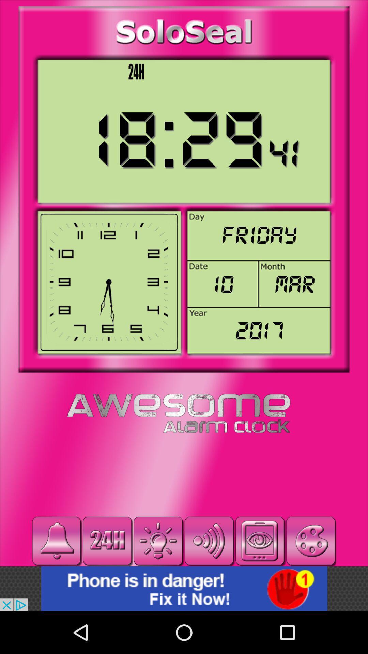 The width and height of the screenshot is (368, 654). What do you see at coordinates (158, 541) in the screenshot?
I see `change brightness` at bounding box center [158, 541].